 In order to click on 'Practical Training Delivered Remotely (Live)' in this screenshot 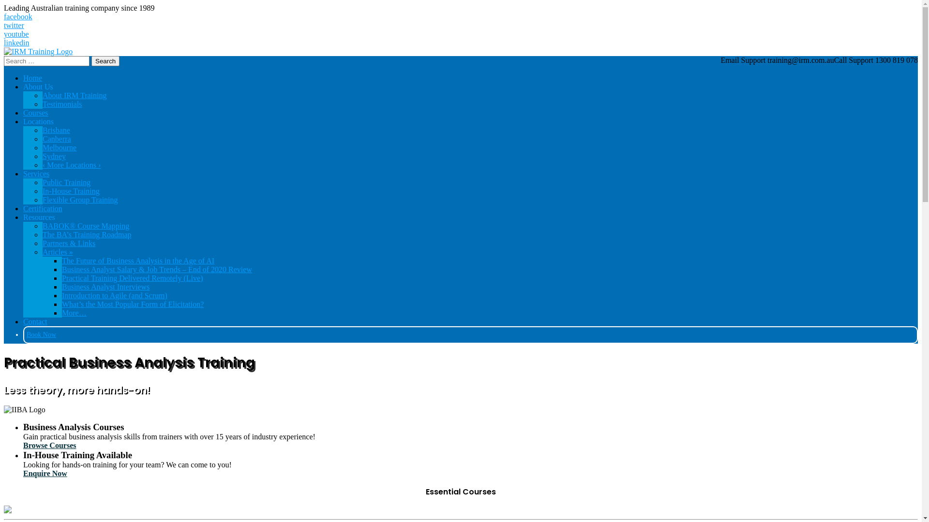, I will do `click(132, 278)`.